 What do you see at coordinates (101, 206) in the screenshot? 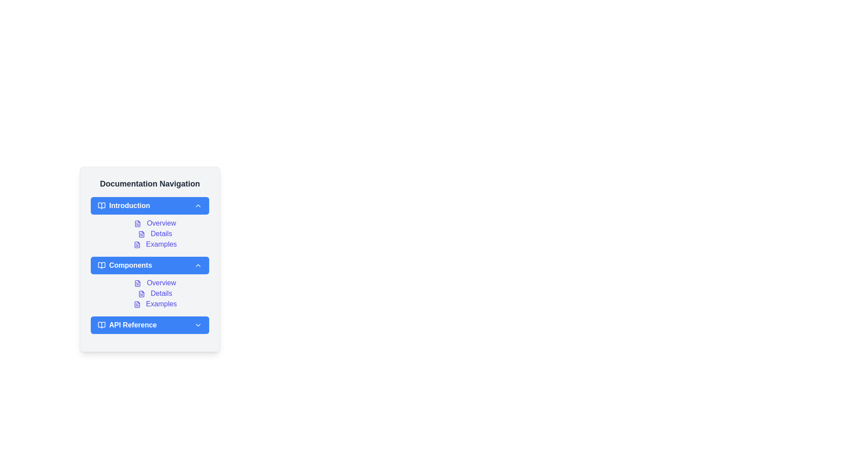
I see `the 'Introduction' icon in the Documentation Navigation vertical menu, which serves as a visual indicator for the Introduction section` at bounding box center [101, 206].